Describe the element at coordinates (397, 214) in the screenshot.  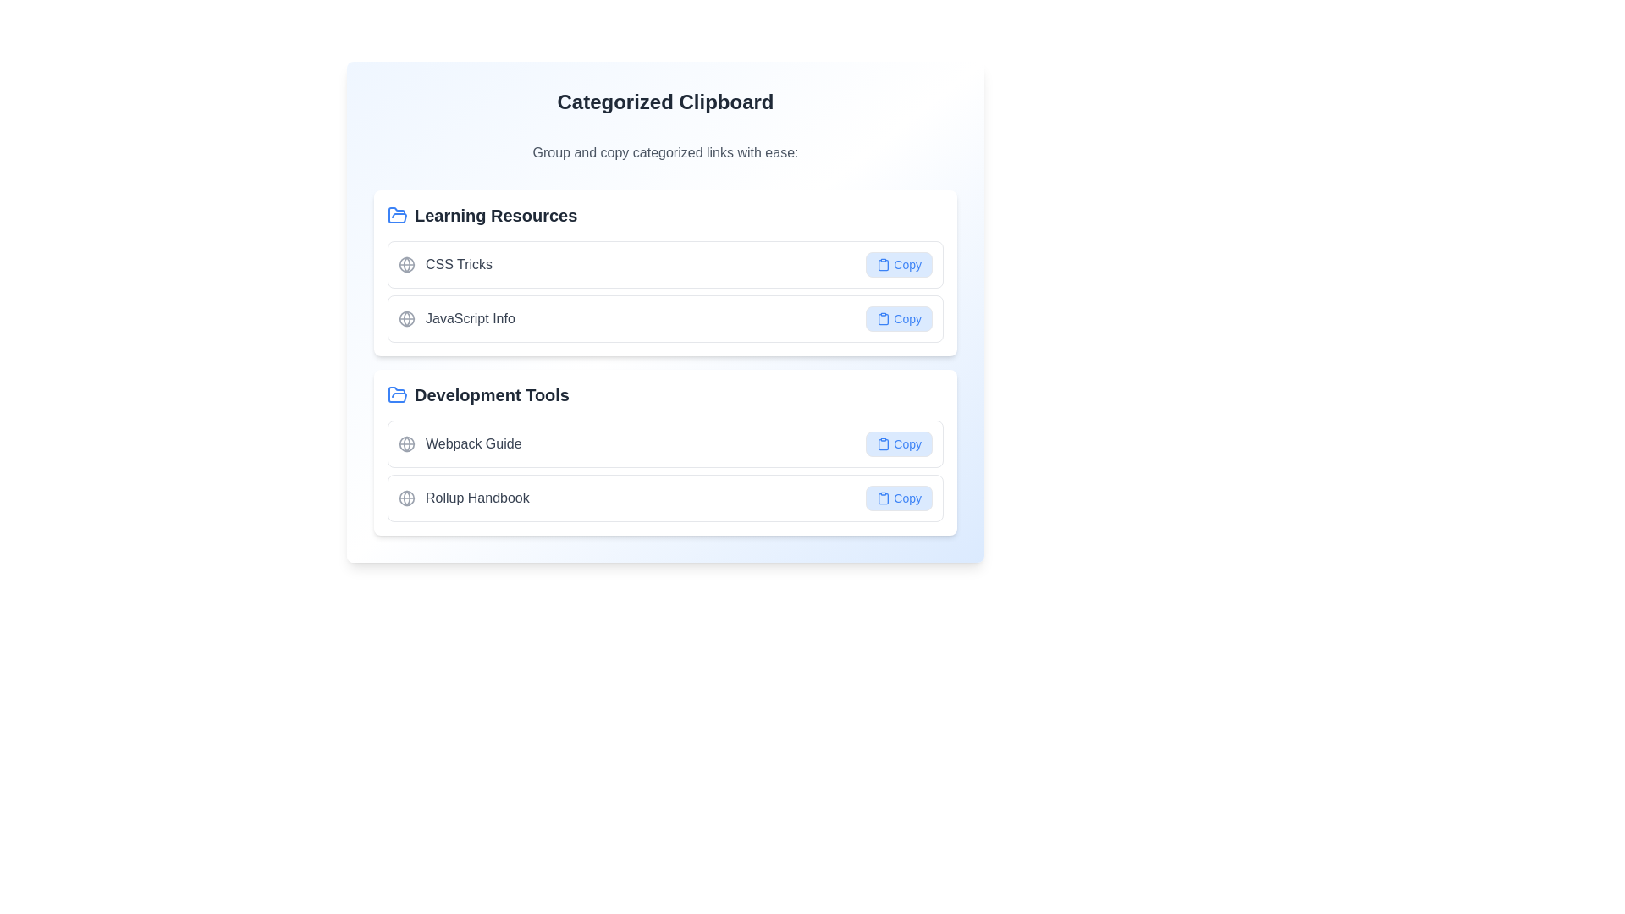
I see `the blue rounded open folder icon located near the 'Learning Resources' label at the top-left section of the page` at that location.